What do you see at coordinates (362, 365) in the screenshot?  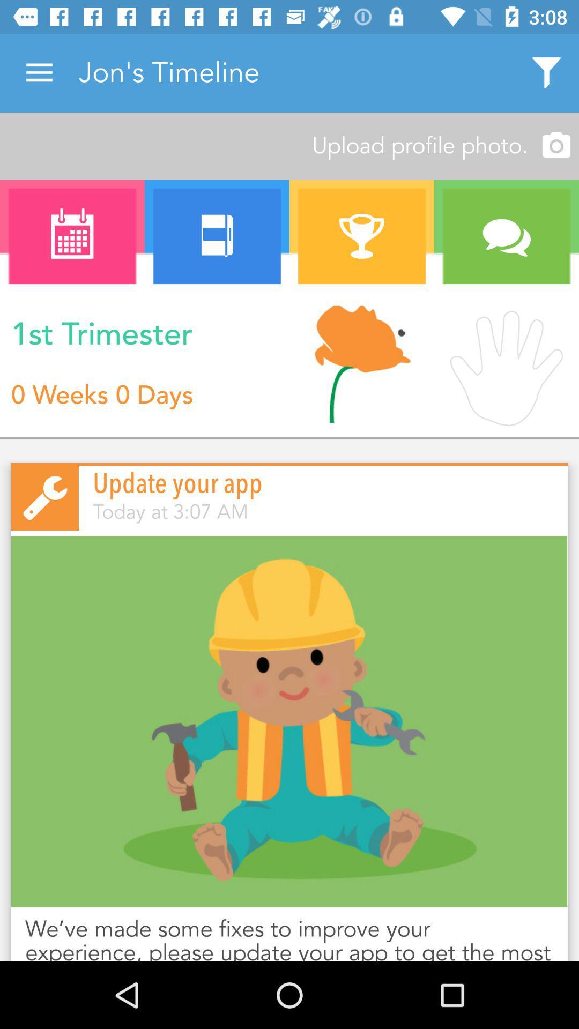 I see `item below the n` at bounding box center [362, 365].